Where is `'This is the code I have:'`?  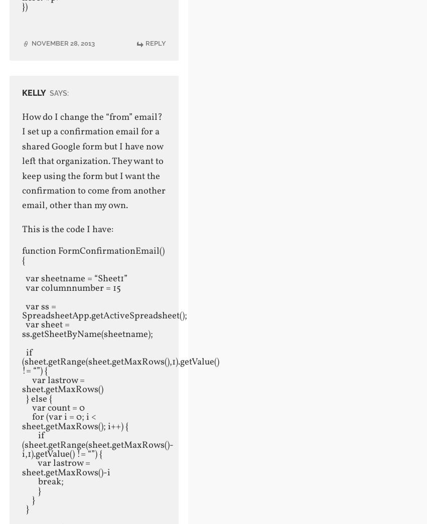
'This is the code I have:' is located at coordinates (67, 230).